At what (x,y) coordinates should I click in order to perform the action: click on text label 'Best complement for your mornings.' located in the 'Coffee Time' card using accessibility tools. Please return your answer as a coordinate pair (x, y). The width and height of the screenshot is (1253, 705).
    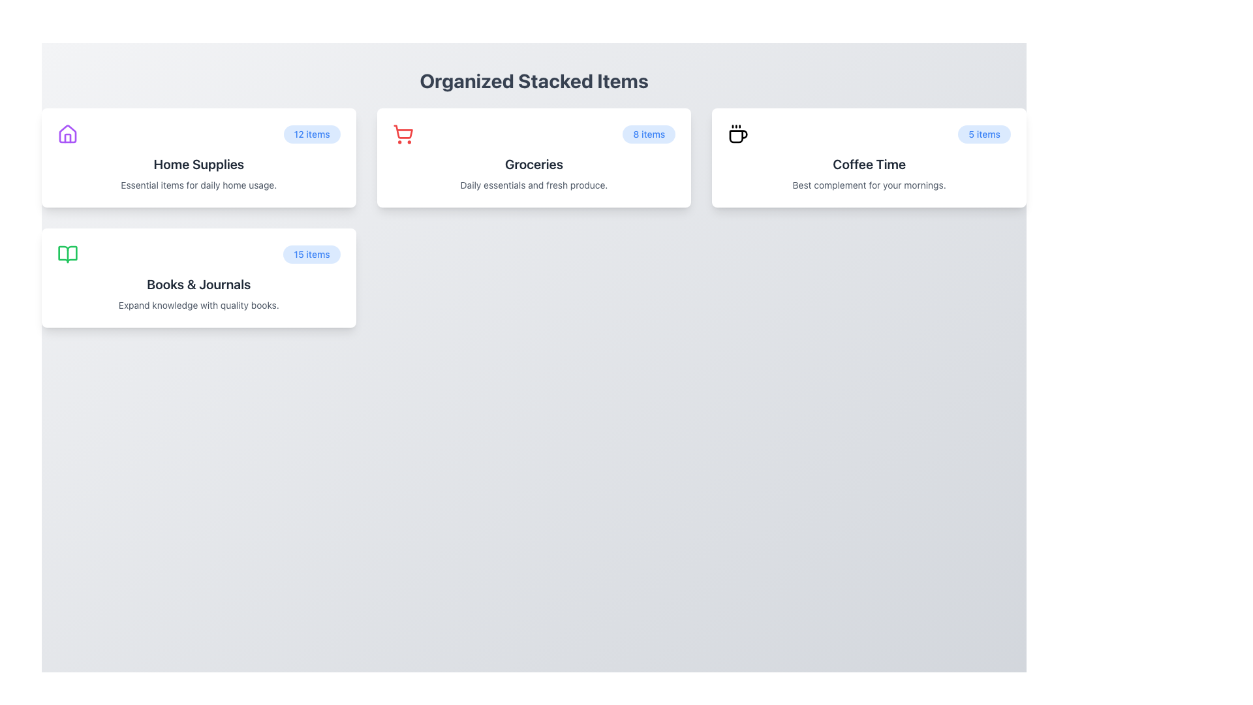
    Looking at the image, I should click on (869, 185).